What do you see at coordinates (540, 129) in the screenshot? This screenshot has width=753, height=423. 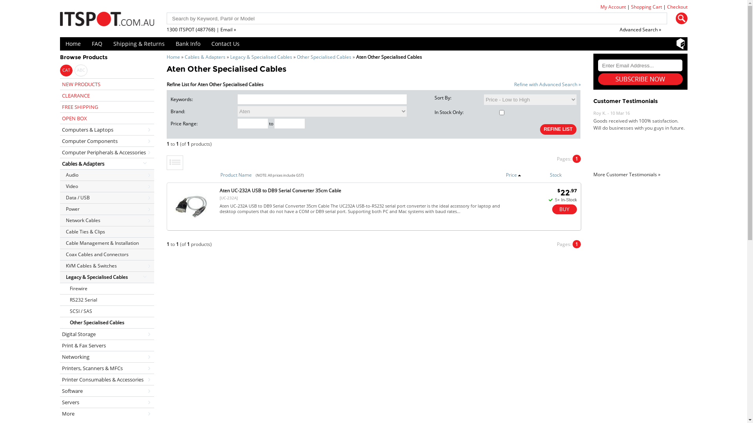 I see `'REFINE LIST'` at bounding box center [540, 129].